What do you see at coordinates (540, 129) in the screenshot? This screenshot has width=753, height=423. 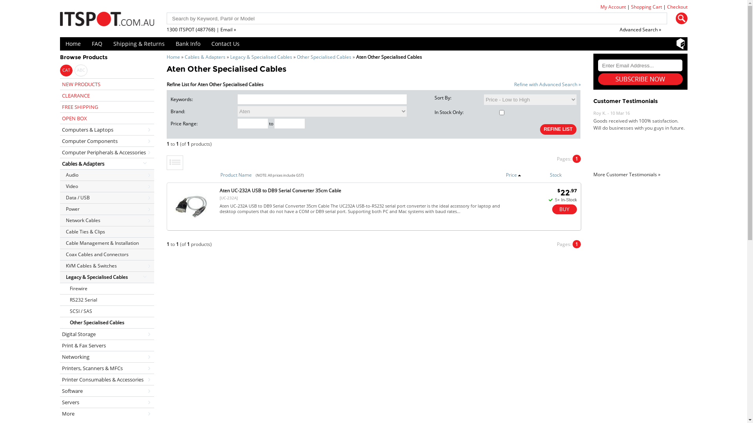 I see `'REFINE LIST'` at bounding box center [540, 129].